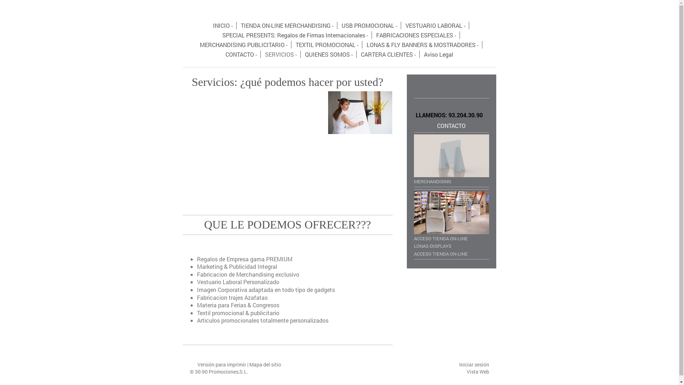 The image size is (684, 385). Describe the element at coordinates (241, 54) in the screenshot. I see `'CONTACTO -'` at that location.